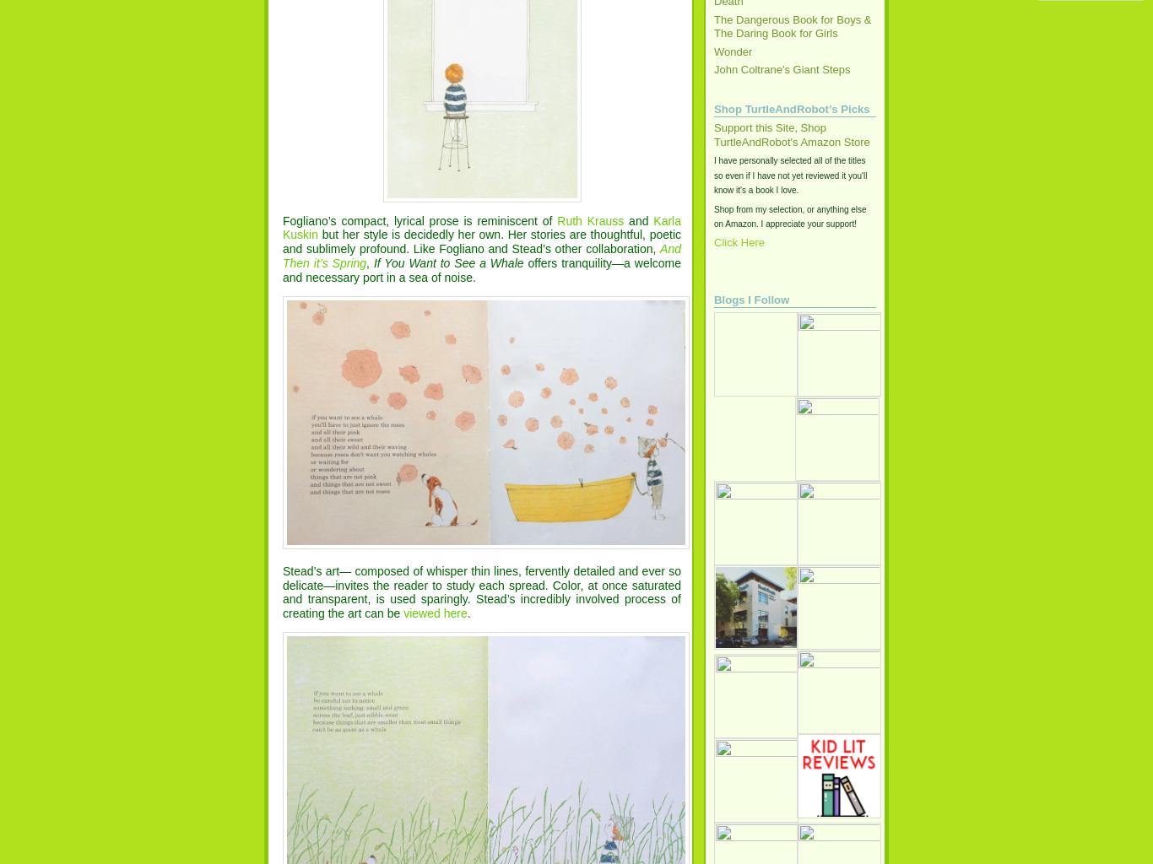 The height and width of the screenshot is (864, 1153). I want to click on 'Fogliano’s compact, lyrical prose is reminiscent of', so click(420, 220).